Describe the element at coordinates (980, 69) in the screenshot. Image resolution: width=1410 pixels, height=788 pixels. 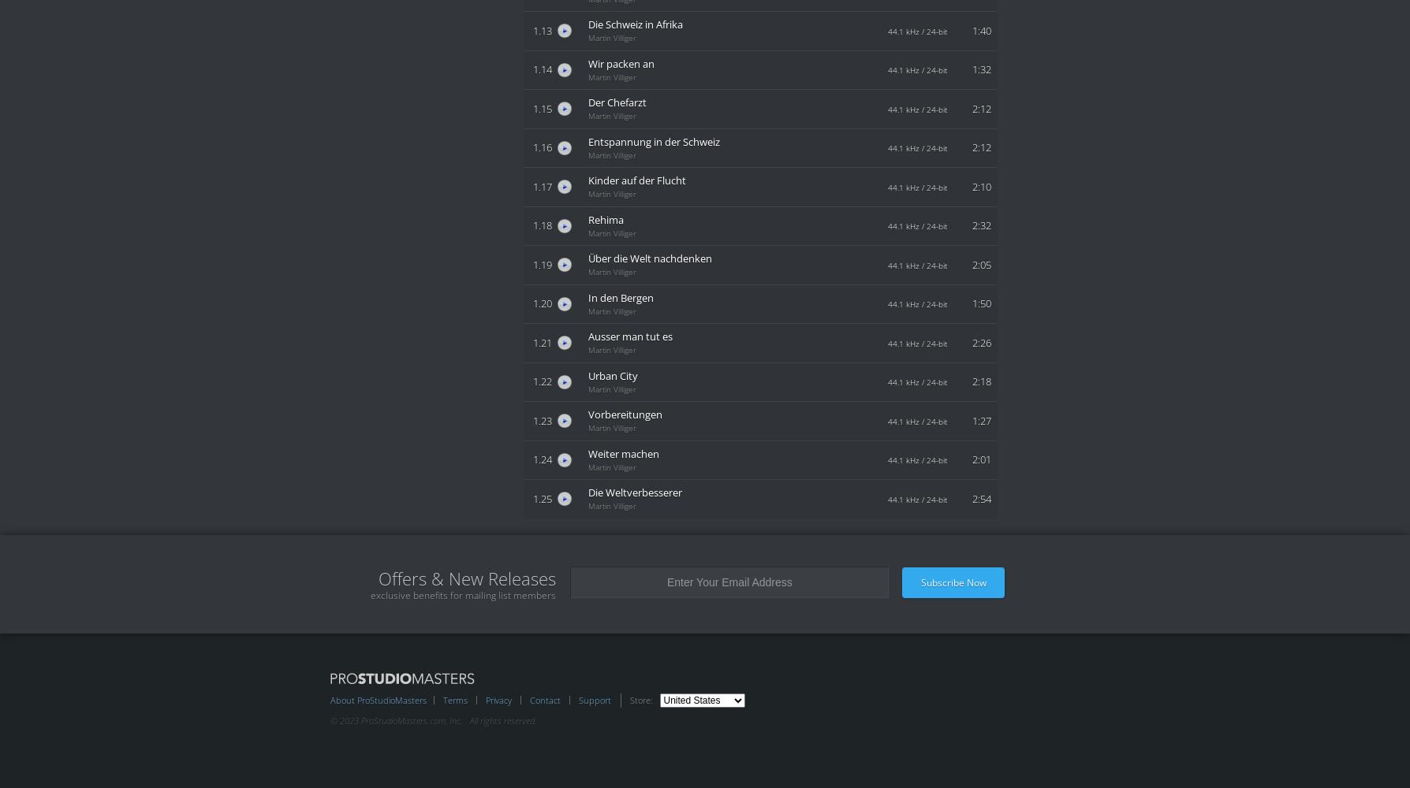
I see `'1:32'` at that location.